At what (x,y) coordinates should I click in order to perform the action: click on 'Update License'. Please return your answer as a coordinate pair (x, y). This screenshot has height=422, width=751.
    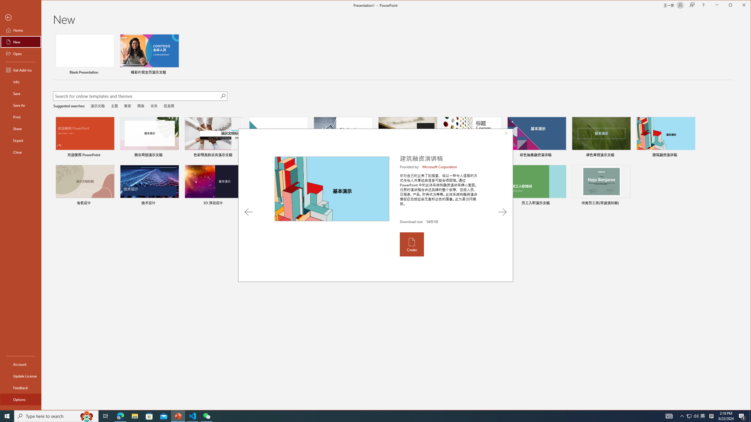
    Looking at the image, I should click on (20, 376).